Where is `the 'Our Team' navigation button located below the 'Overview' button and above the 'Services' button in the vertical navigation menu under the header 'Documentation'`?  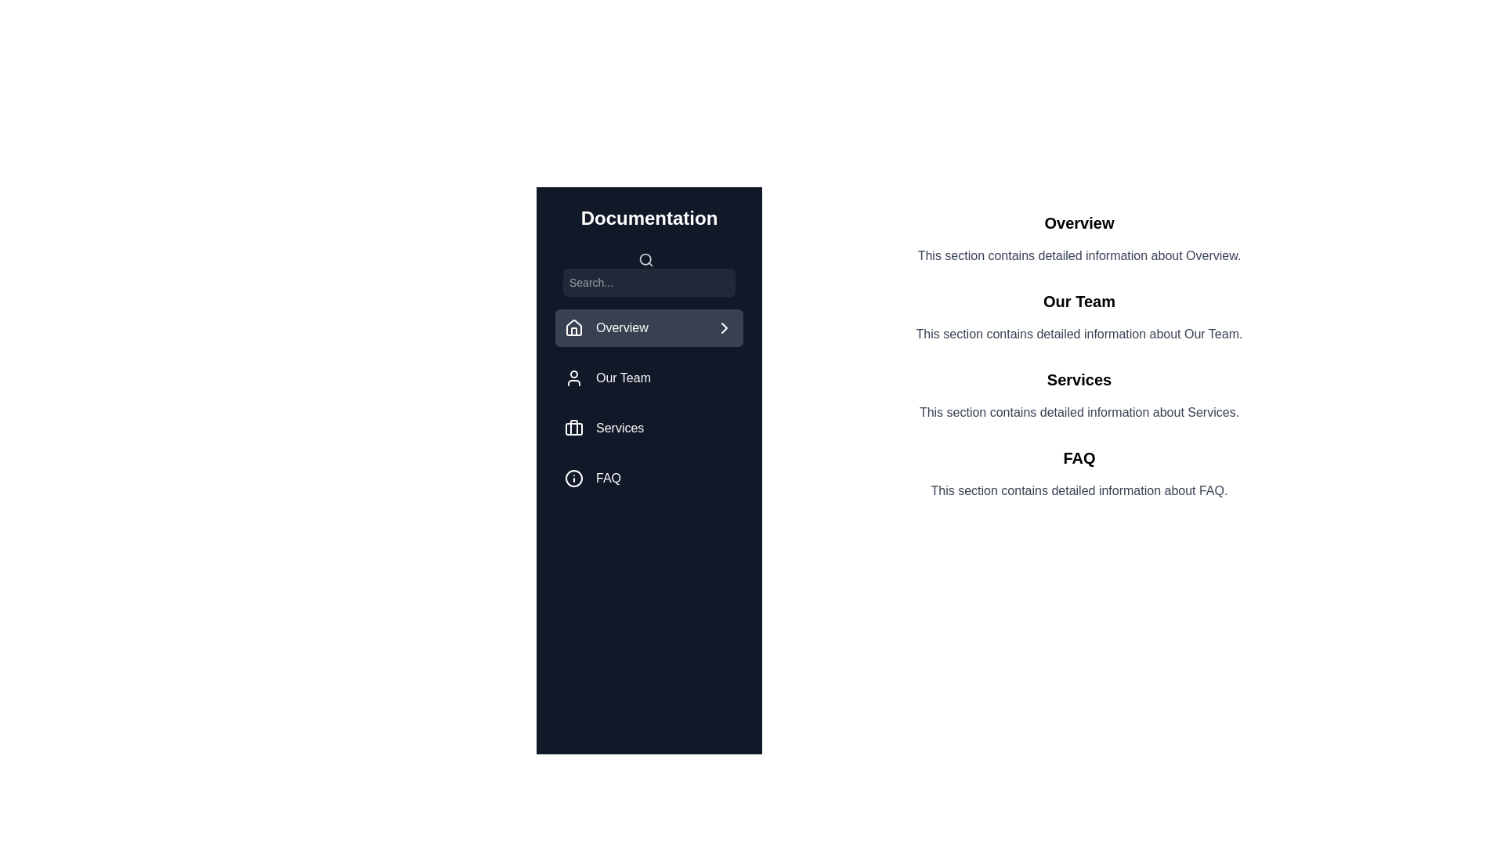 the 'Our Team' navigation button located below the 'Overview' button and above the 'Services' button in the vertical navigation menu under the header 'Documentation' is located at coordinates (649, 378).